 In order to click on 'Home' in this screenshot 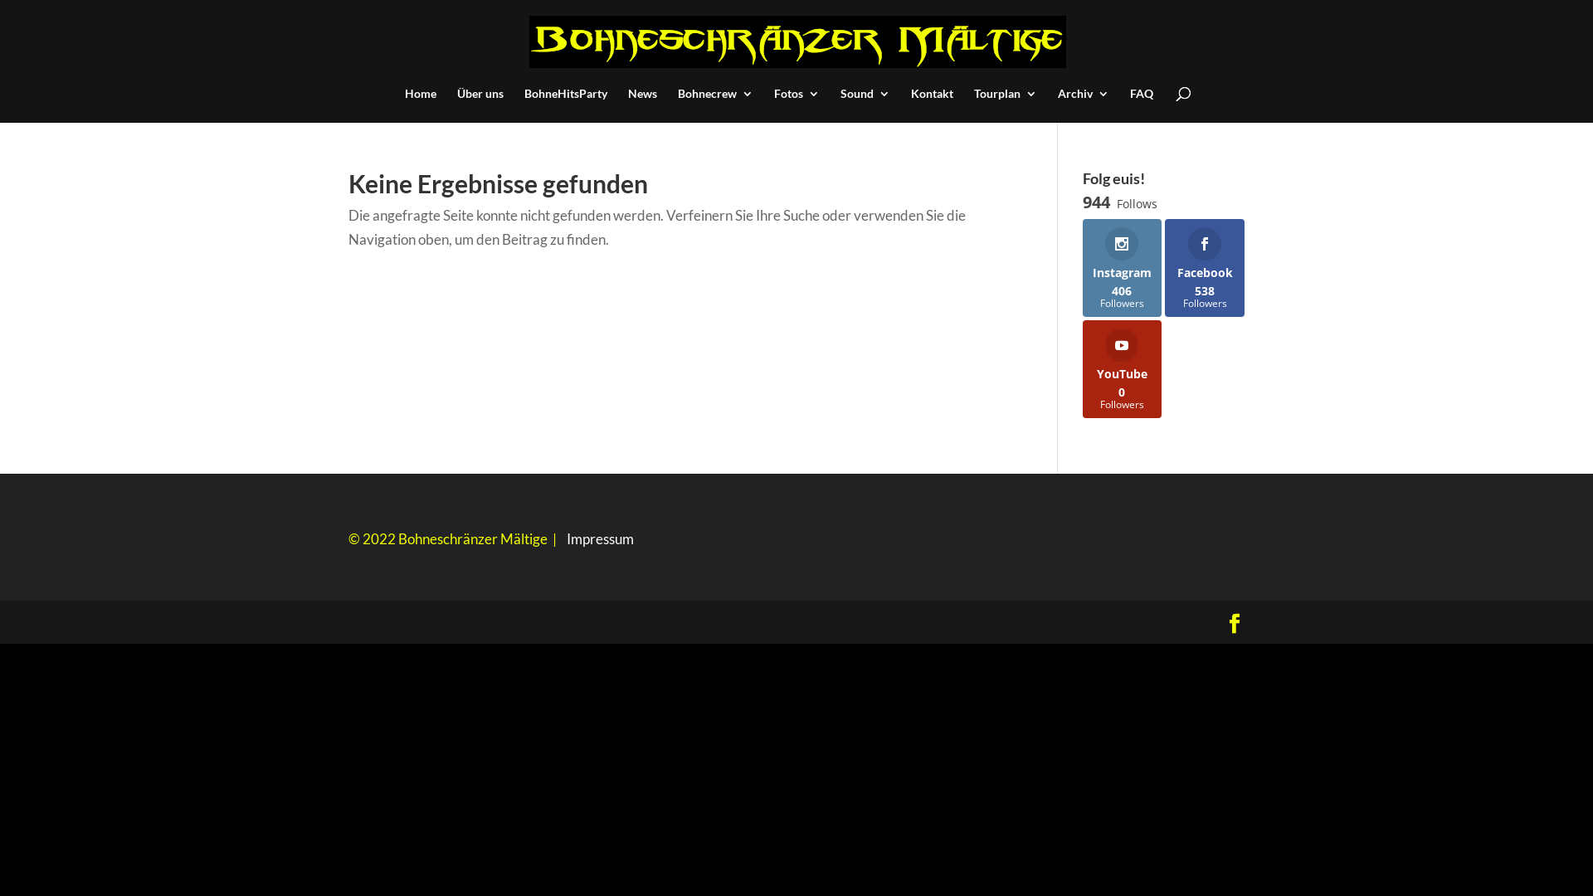, I will do `click(421, 105)`.